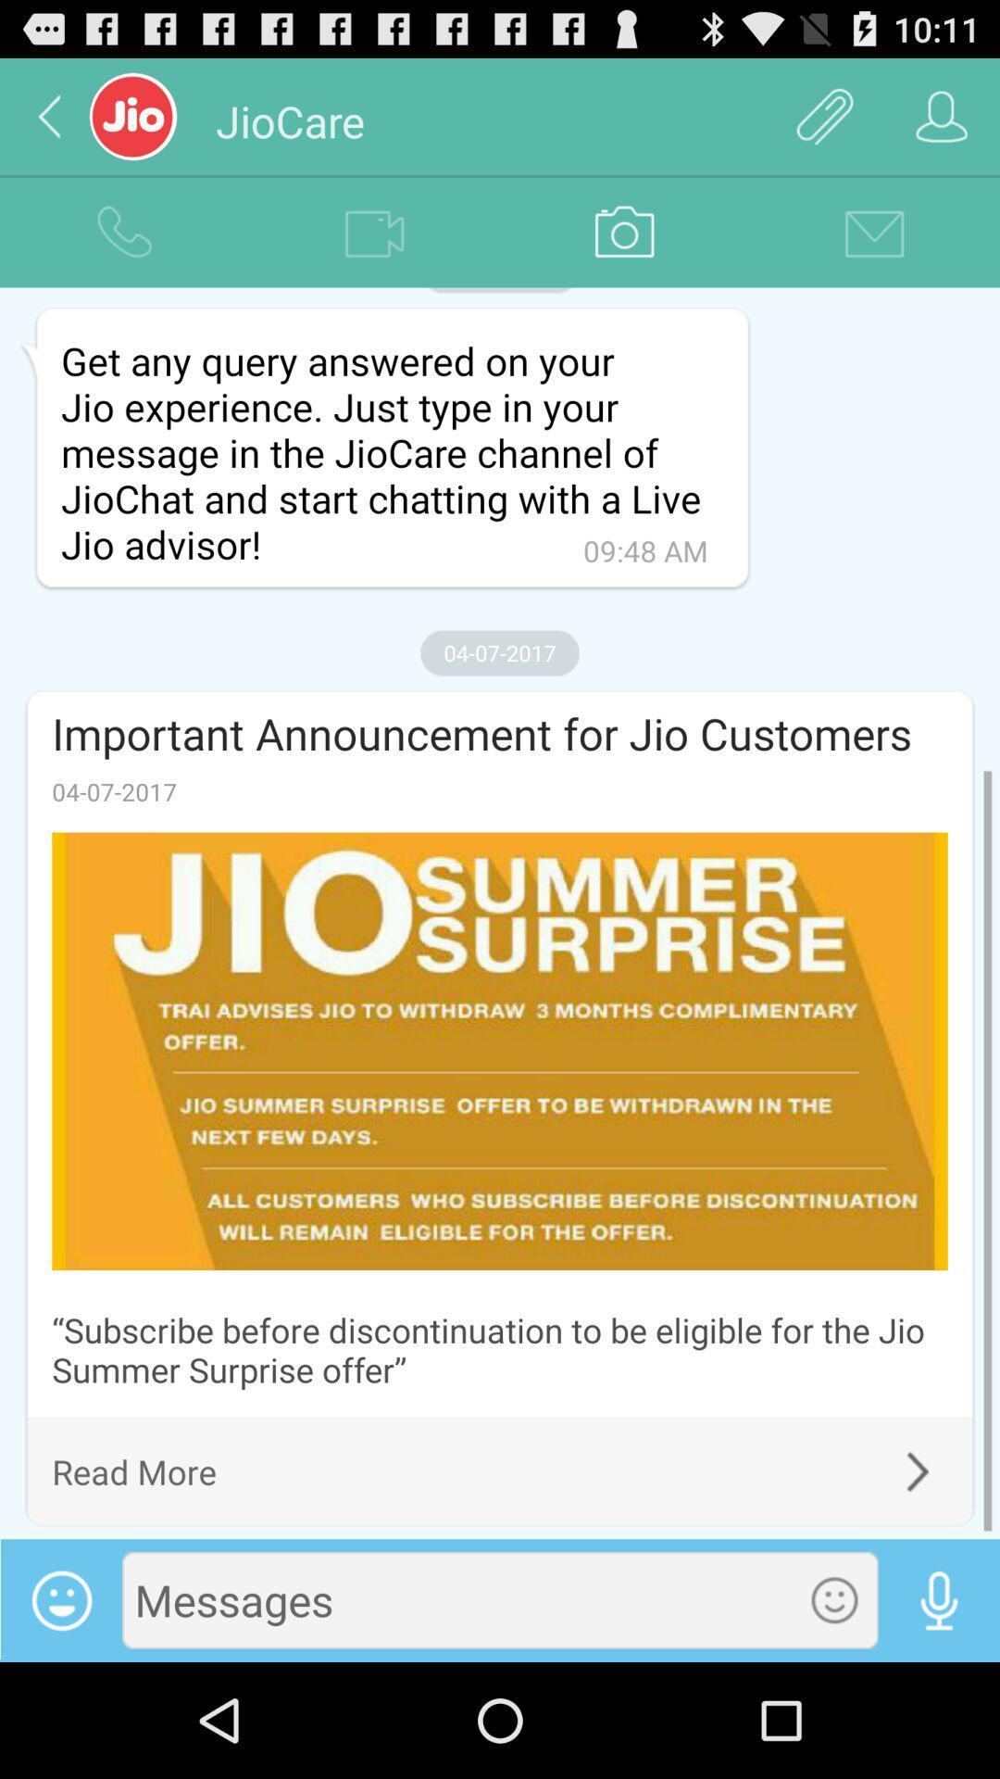 The height and width of the screenshot is (1779, 1000). Describe the element at coordinates (834, 1711) in the screenshot. I see `the emoji icon` at that location.